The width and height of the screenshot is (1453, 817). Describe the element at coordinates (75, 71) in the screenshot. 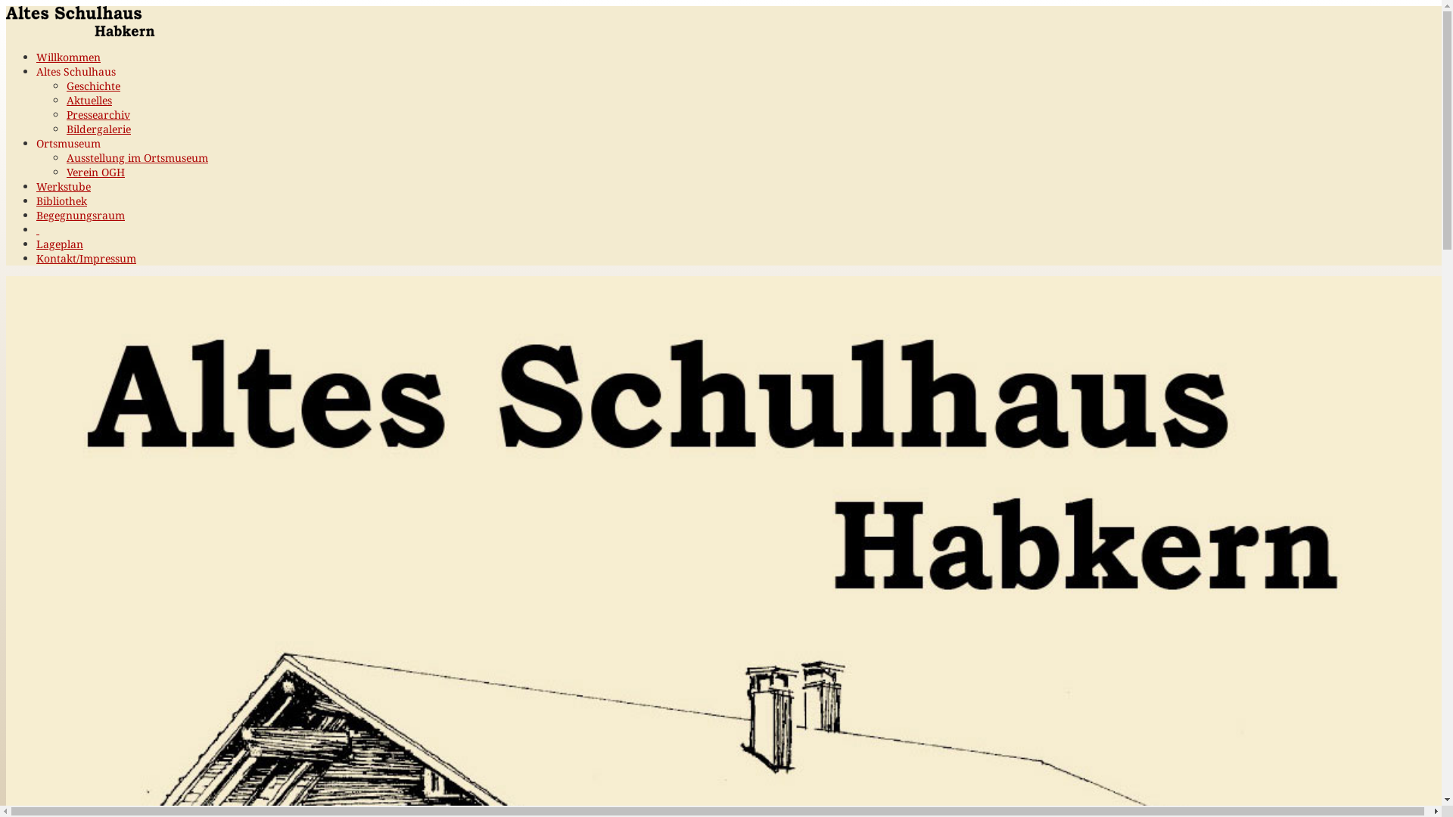

I see `'Altes Schulhaus'` at that location.